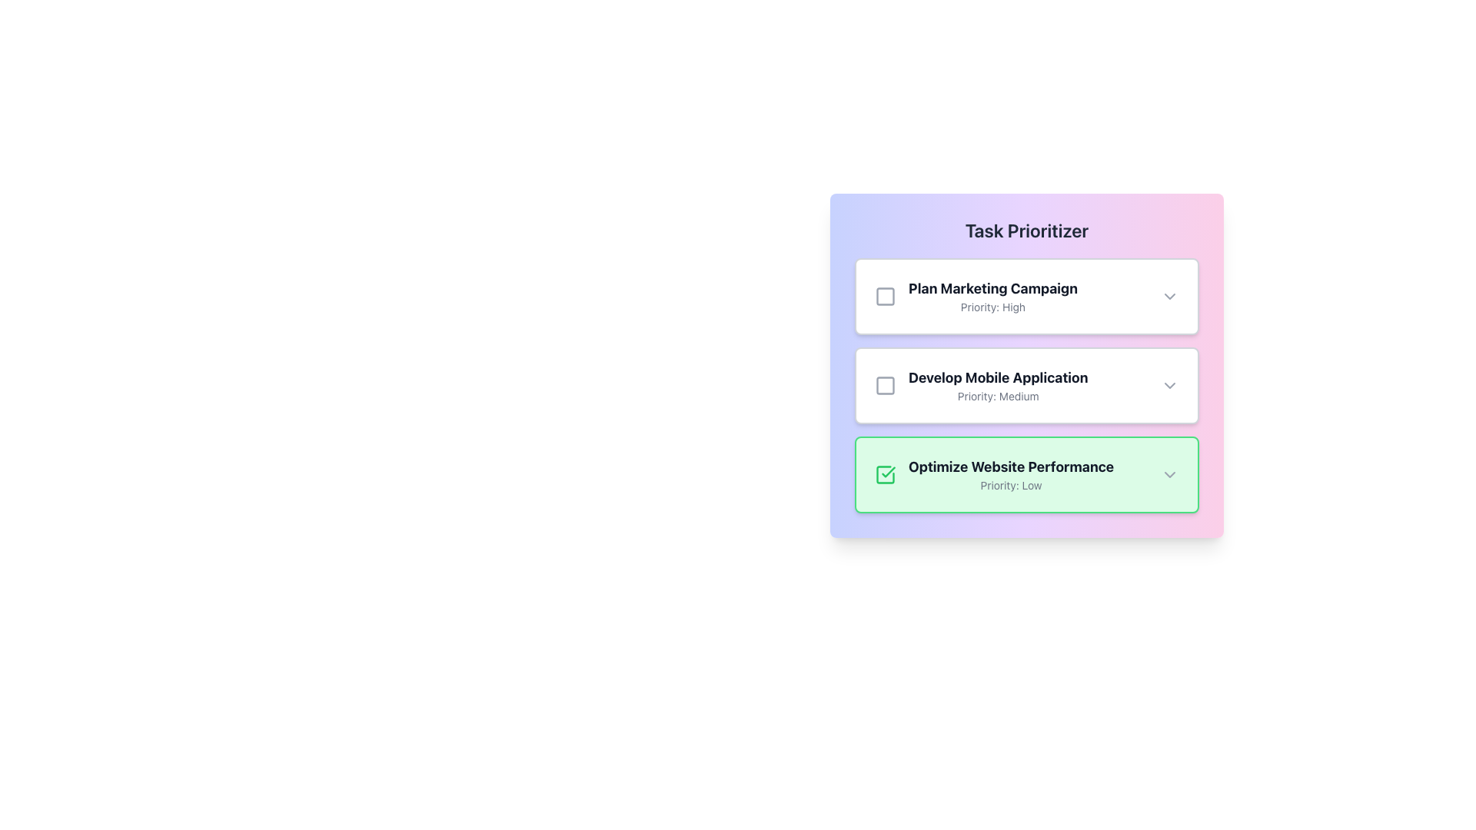 The width and height of the screenshot is (1476, 830). What do you see at coordinates (1011, 486) in the screenshot?
I see `the static text label indicating the priority level of the task 'Optimize Website Performance' set to 'Low', which is located at the bottom of the green-highlighted card` at bounding box center [1011, 486].